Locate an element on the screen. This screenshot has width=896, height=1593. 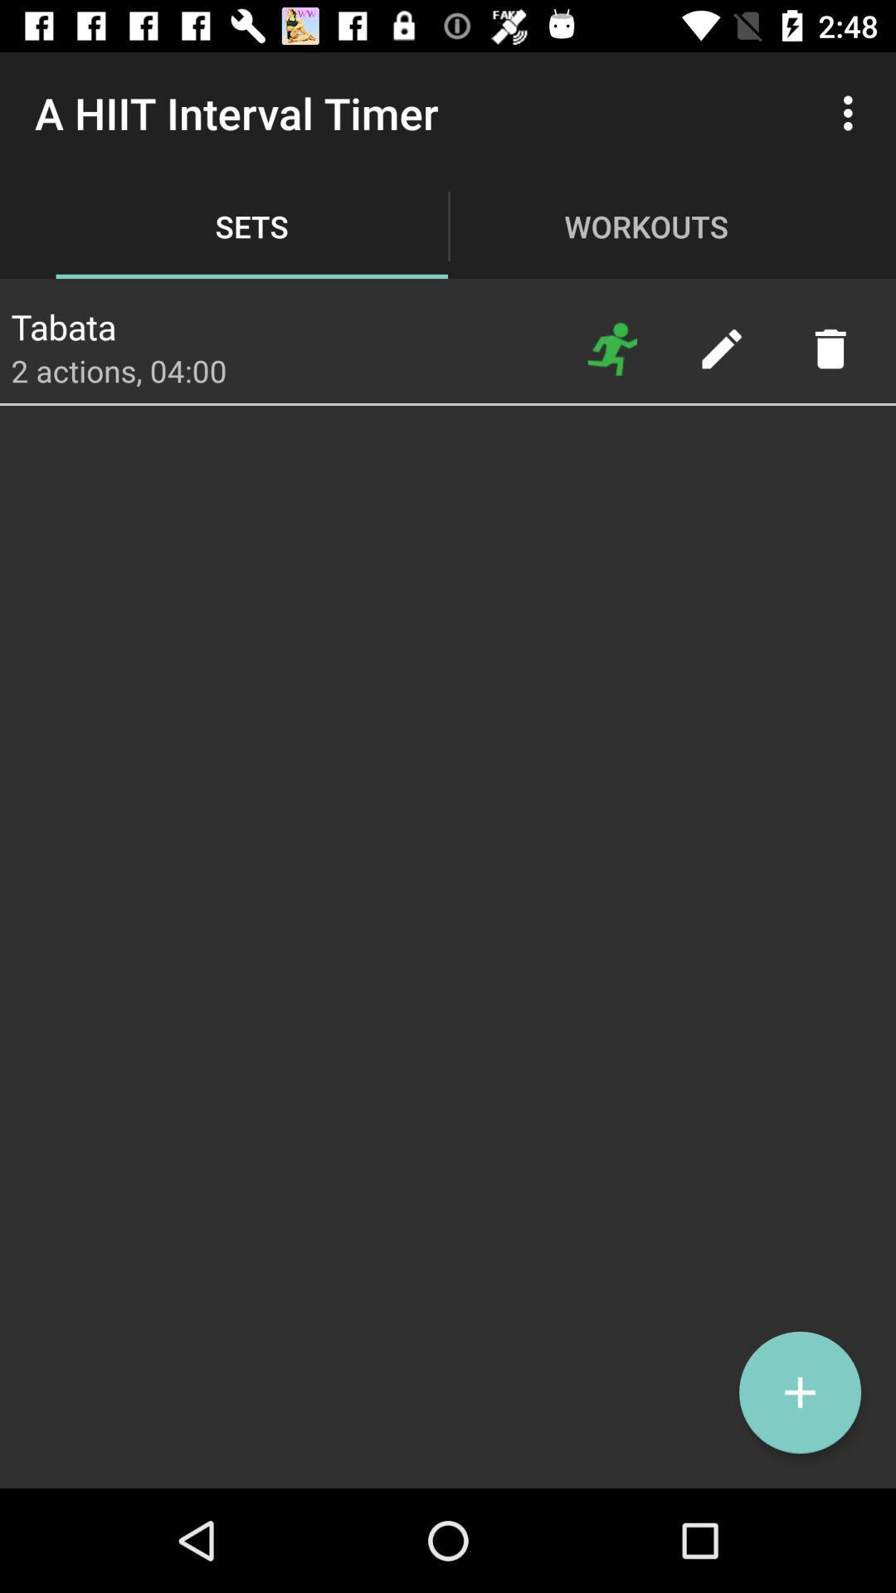
edit set is located at coordinates (720, 348).